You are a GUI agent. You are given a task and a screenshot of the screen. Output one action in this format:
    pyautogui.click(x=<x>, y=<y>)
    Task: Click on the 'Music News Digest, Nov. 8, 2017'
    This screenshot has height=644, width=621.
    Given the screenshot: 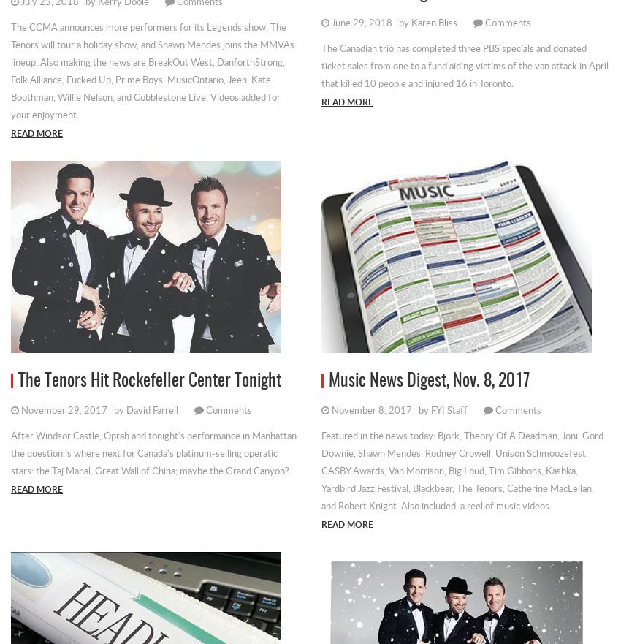 What is the action you would take?
    pyautogui.click(x=429, y=381)
    